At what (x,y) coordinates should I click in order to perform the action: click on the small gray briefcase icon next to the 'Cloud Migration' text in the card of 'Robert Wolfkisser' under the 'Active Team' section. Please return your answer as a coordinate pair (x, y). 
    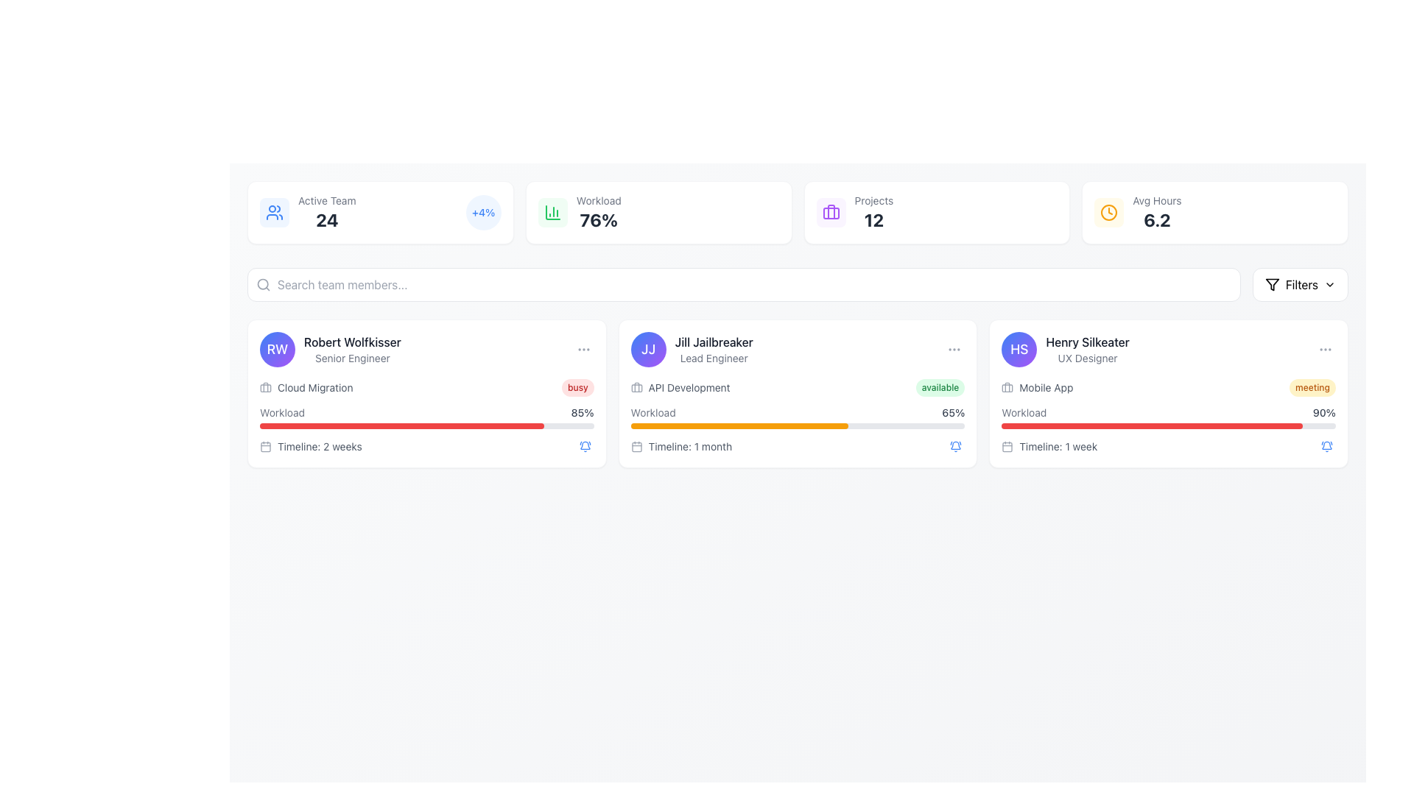
    Looking at the image, I should click on (265, 387).